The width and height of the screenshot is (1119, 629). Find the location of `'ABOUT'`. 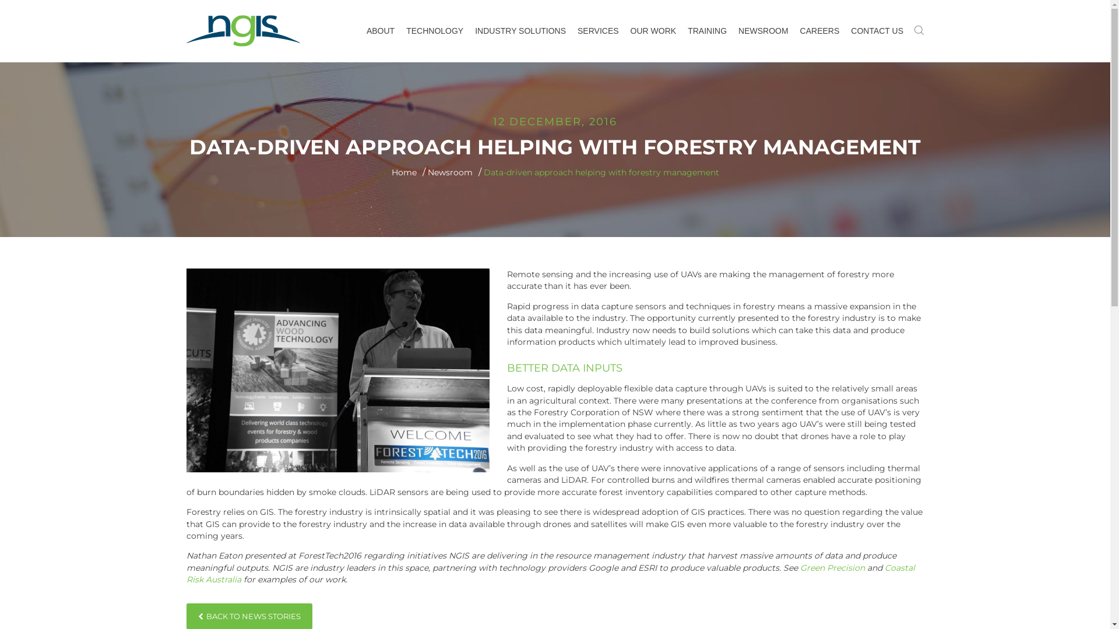

'ABOUT' is located at coordinates (360, 30).